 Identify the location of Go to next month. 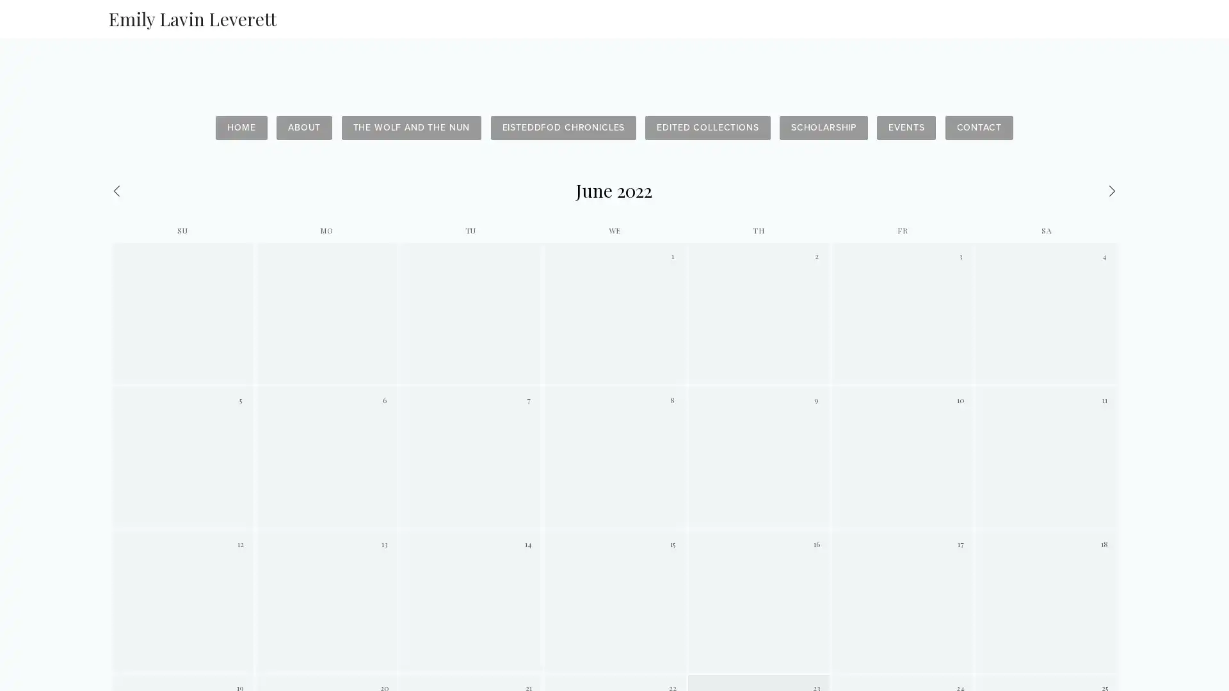
(1048, 190).